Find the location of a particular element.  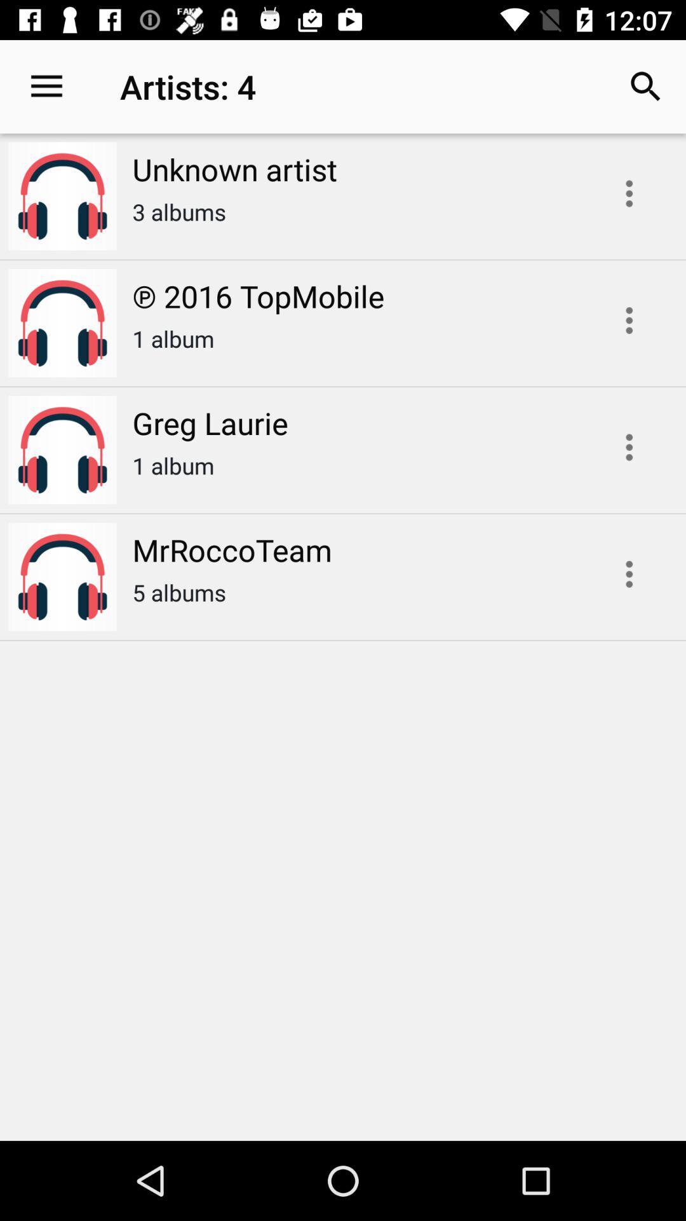

show additional options is located at coordinates (629, 573).